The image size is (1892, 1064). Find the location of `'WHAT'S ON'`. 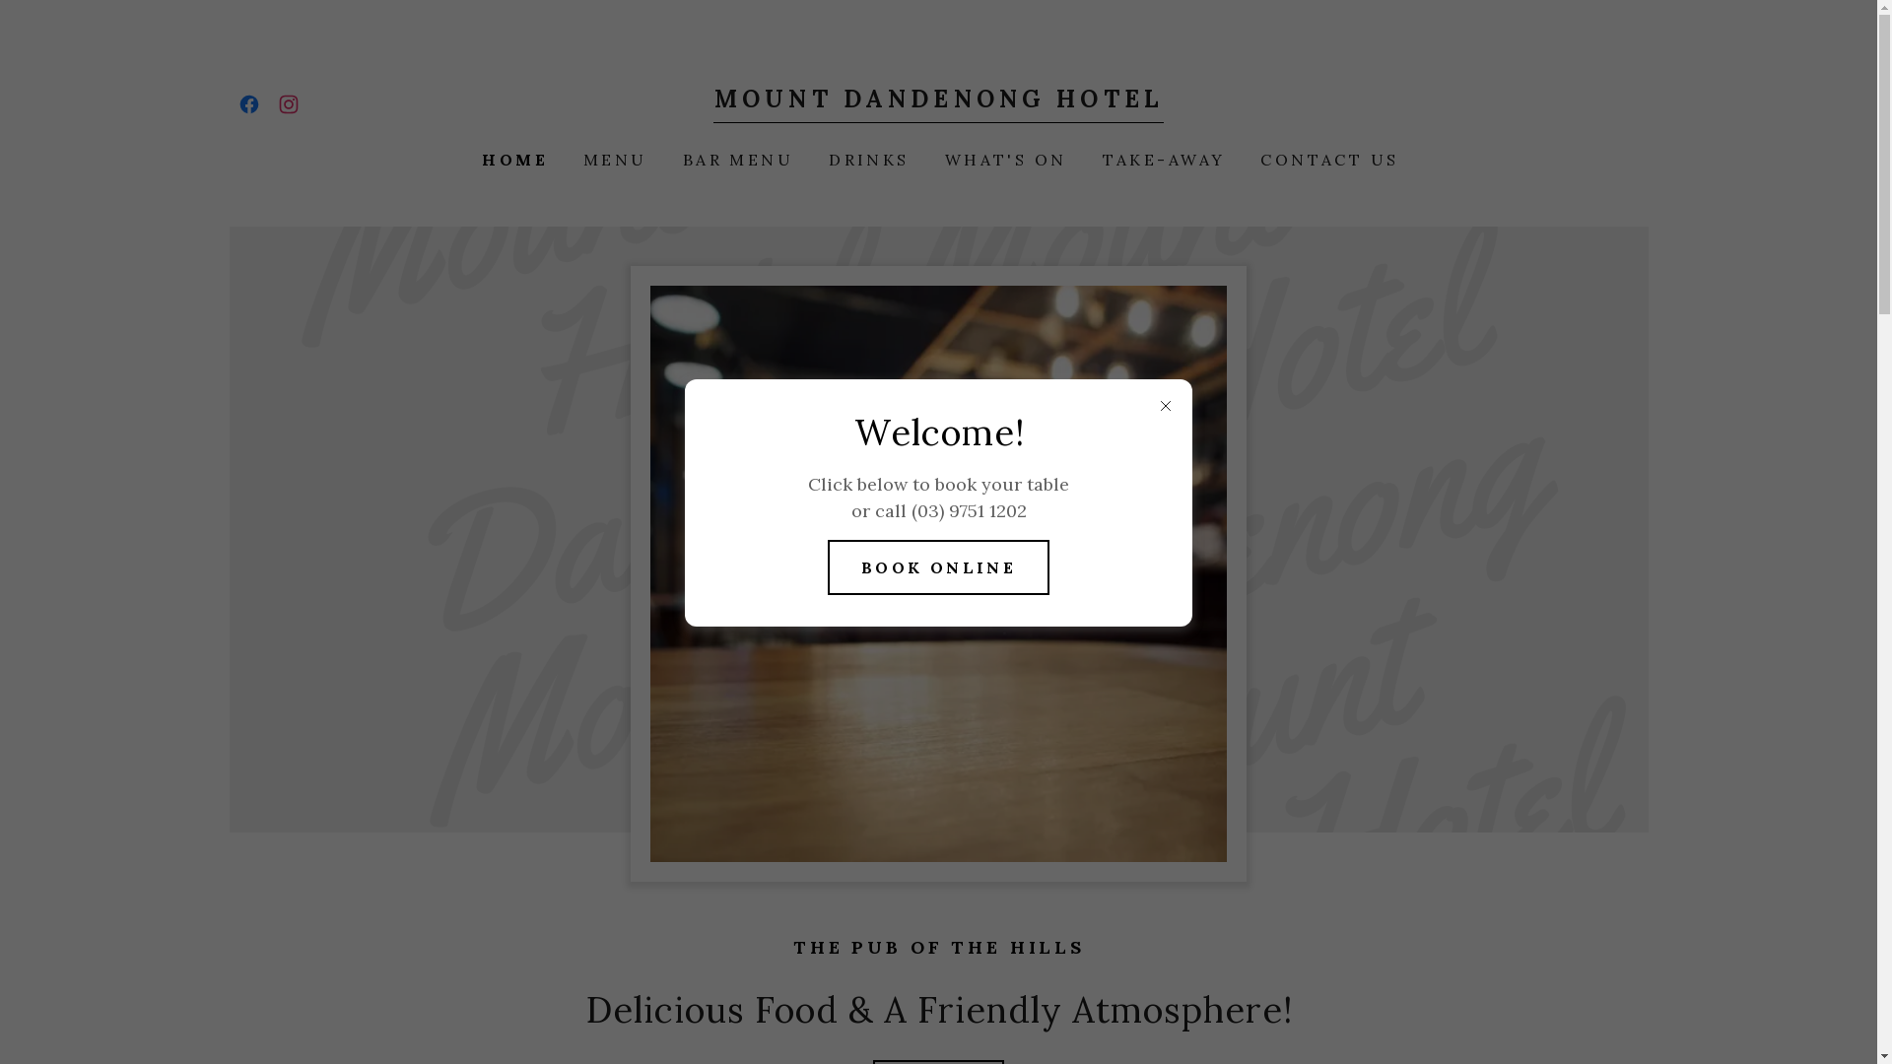

'WHAT'S ON' is located at coordinates (1003, 159).